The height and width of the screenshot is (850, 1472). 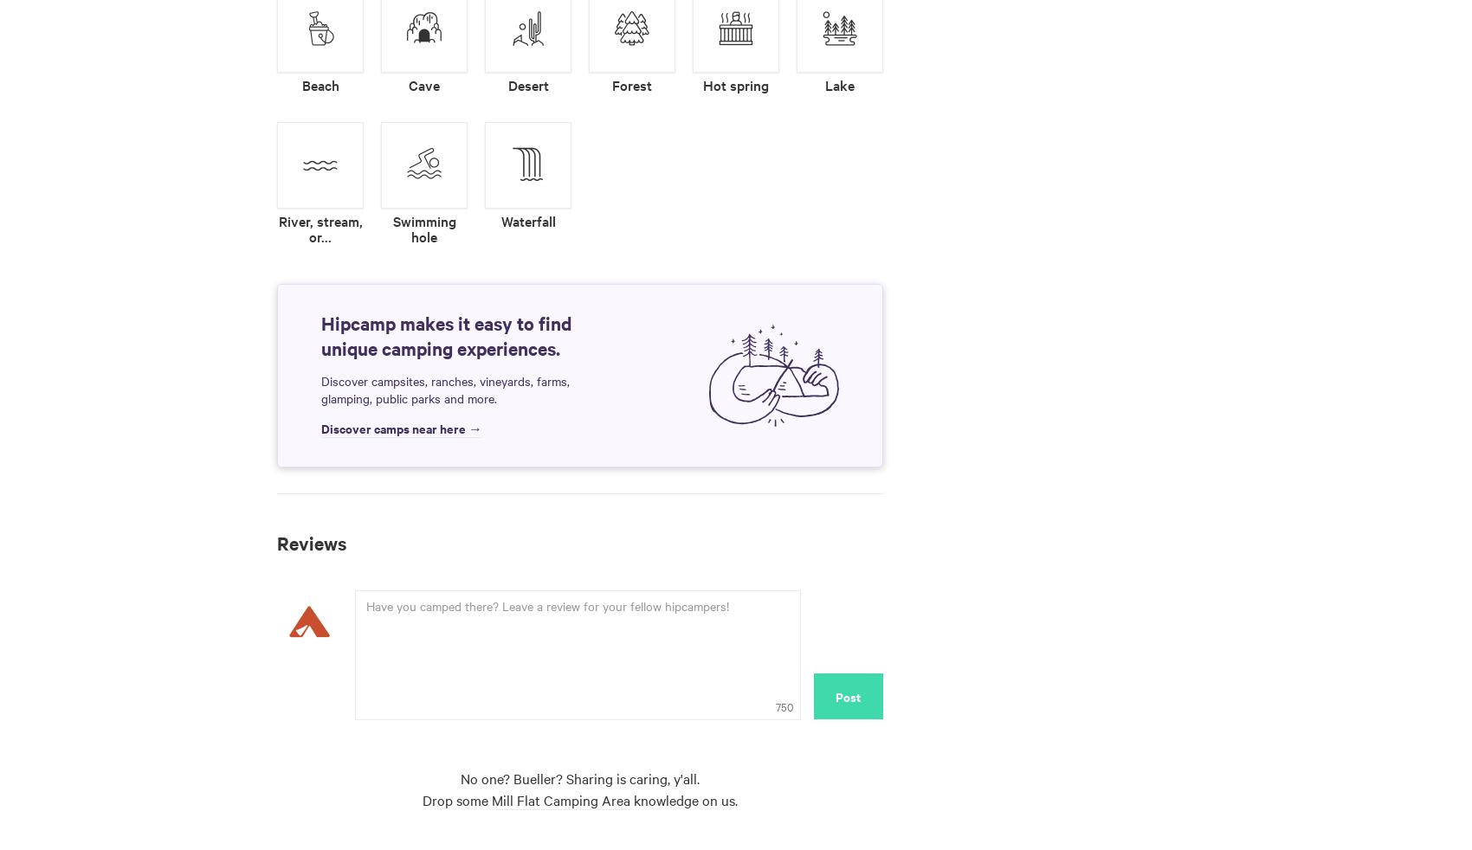 I want to click on 'Reviews', so click(x=311, y=541).